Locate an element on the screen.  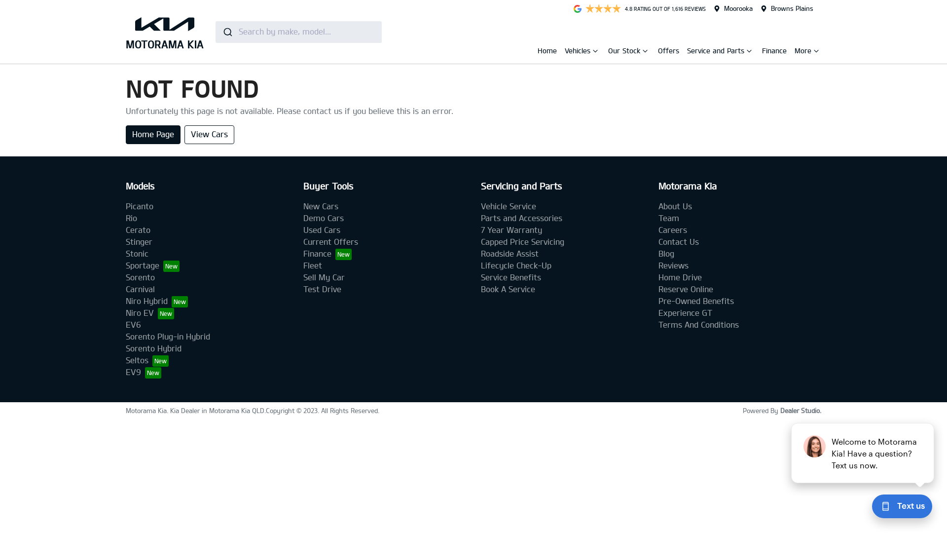
'Home Drive' is located at coordinates (679, 277).